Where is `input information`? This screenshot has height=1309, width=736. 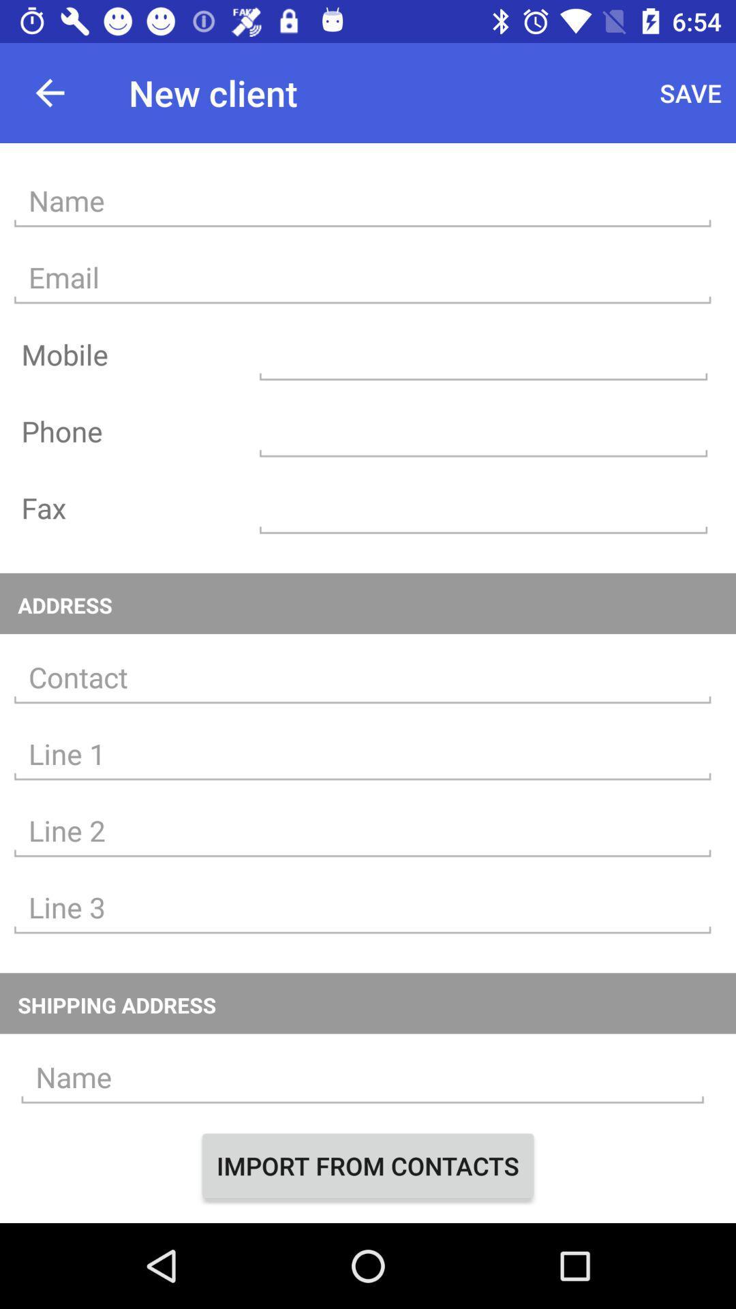 input information is located at coordinates (362, 830).